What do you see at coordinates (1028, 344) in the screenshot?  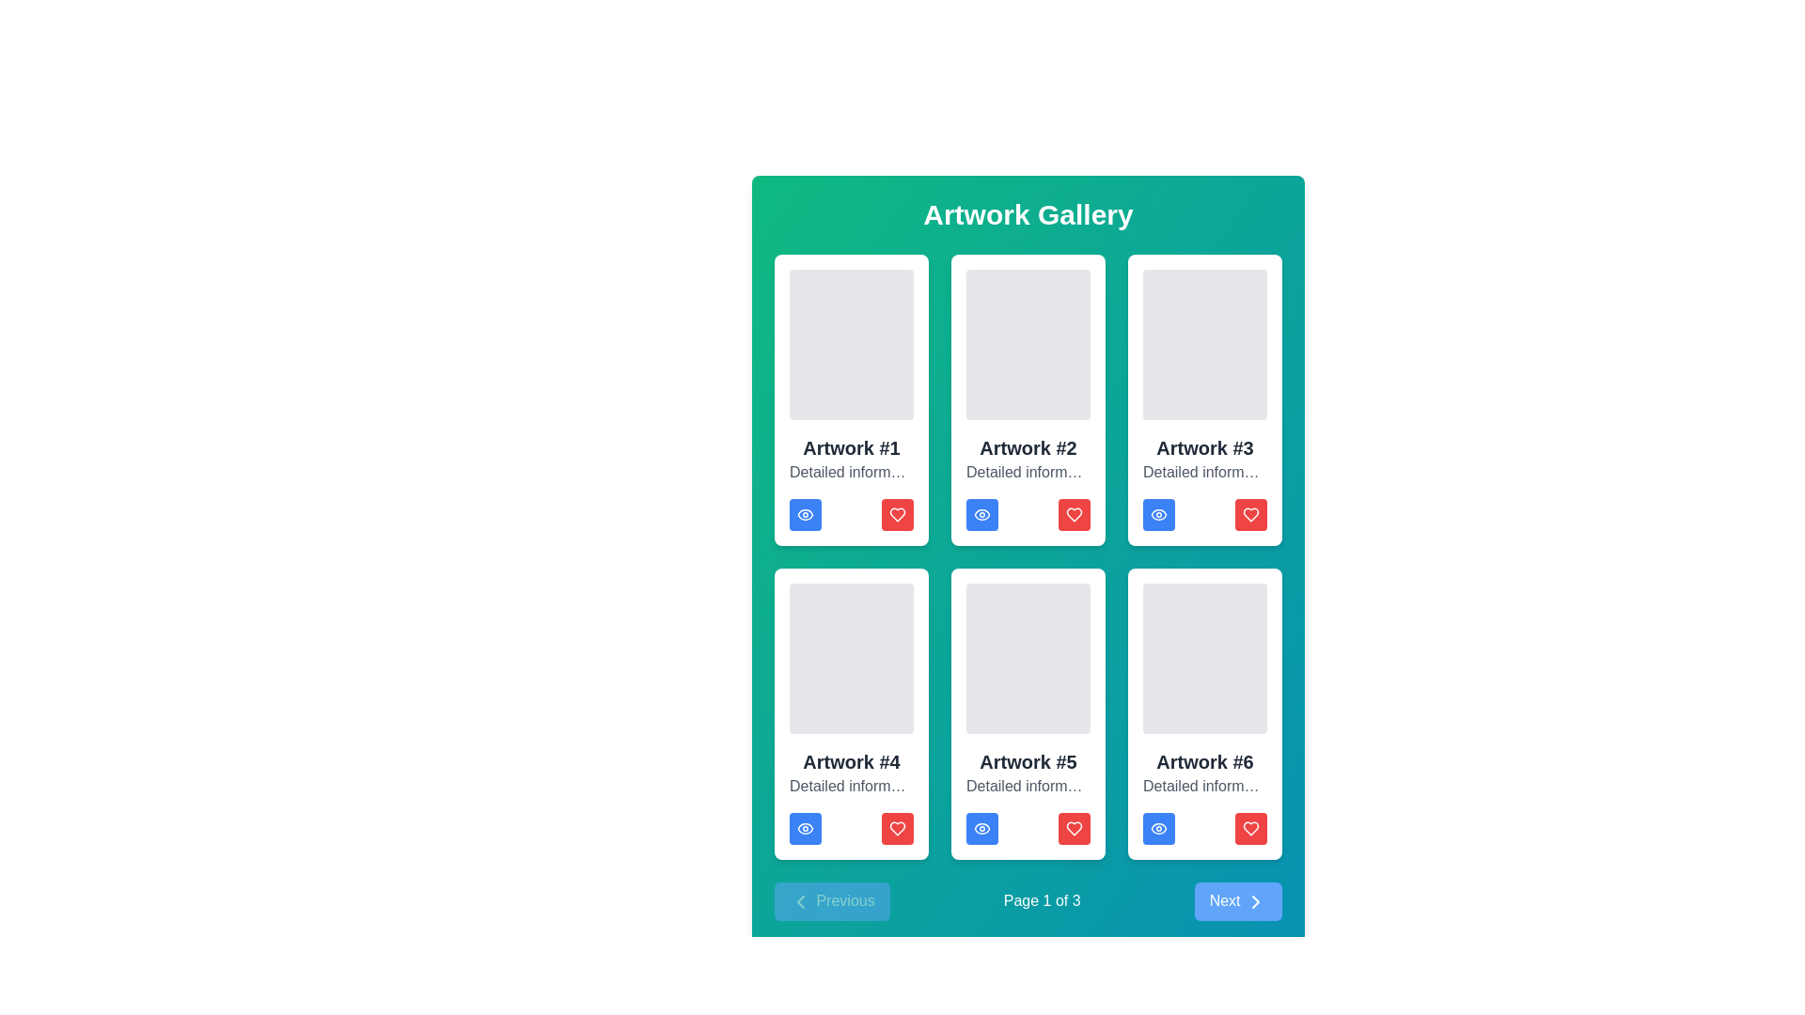 I see `the light gray rectangular image placeholder with rounded edges located at the top of the card labeled 'Artwork #2'` at bounding box center [1028, 344].